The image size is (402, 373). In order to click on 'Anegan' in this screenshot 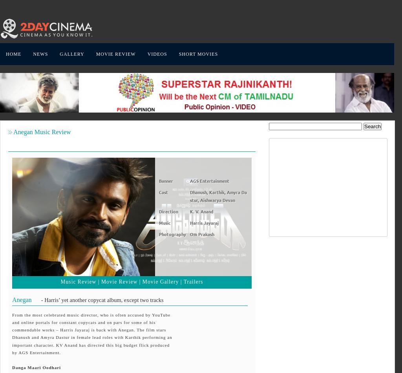, I will do `click(22, 299)`.